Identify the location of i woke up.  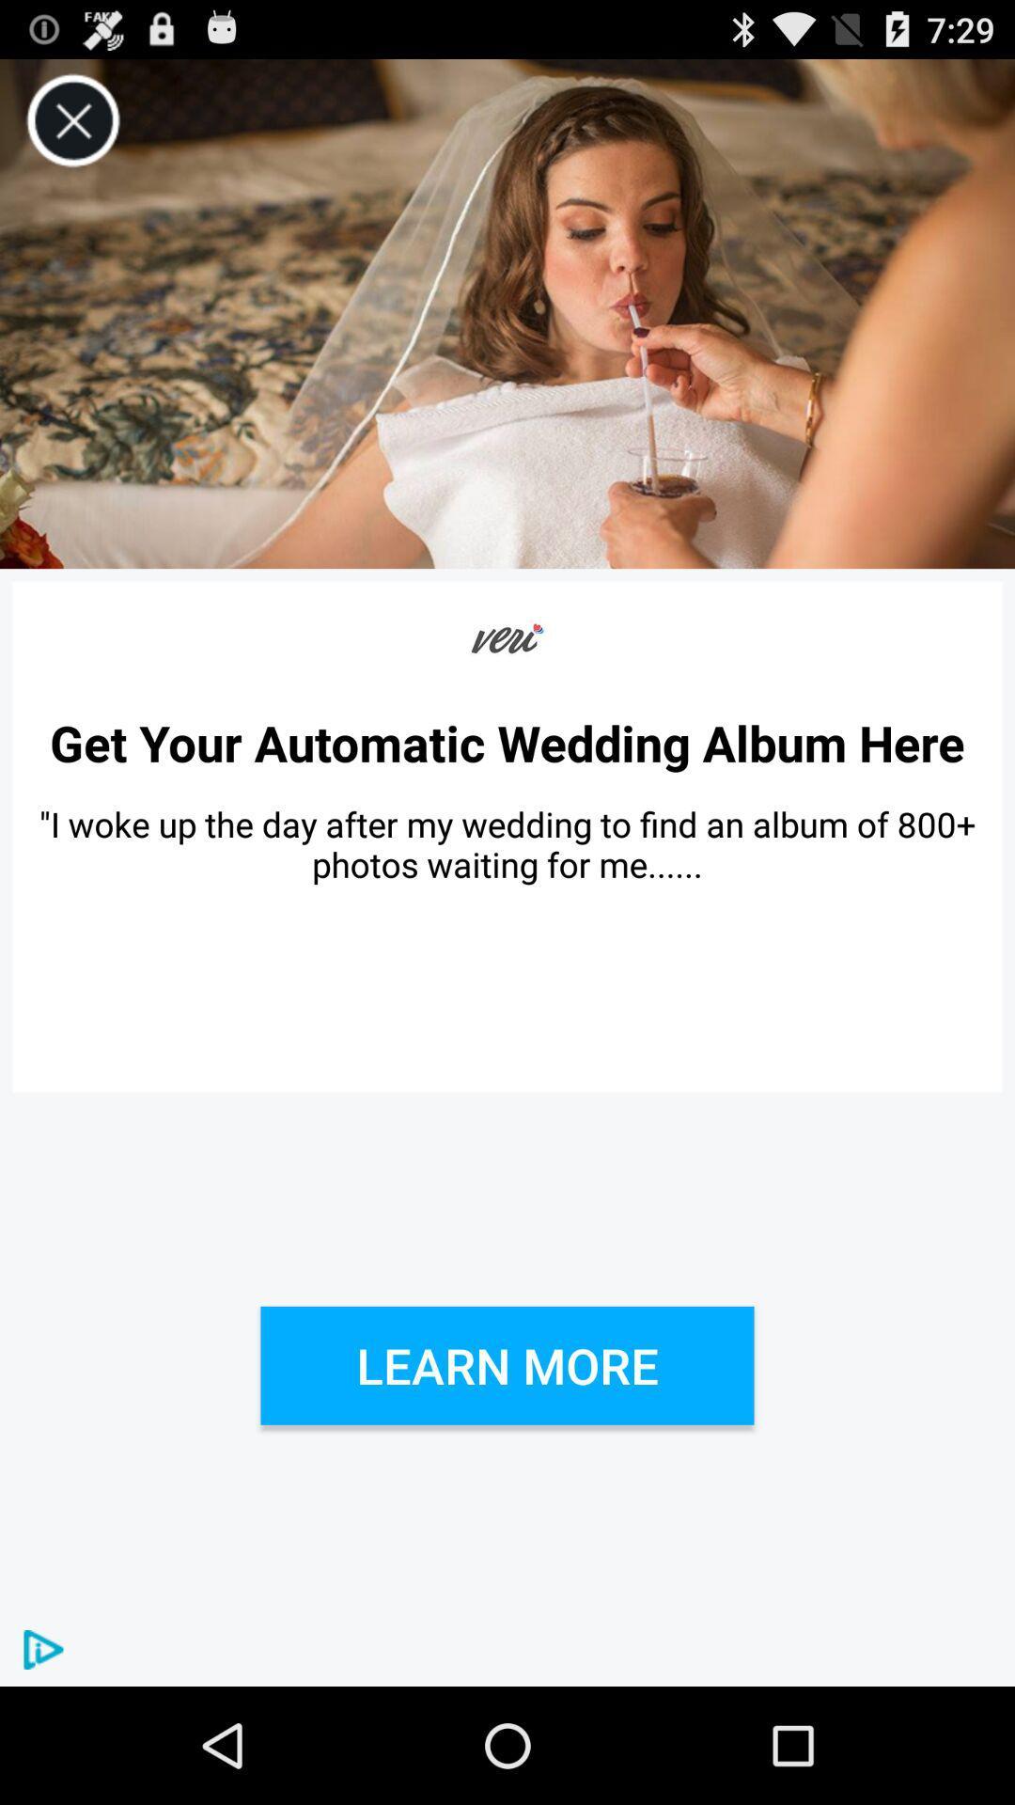
(507, 843).